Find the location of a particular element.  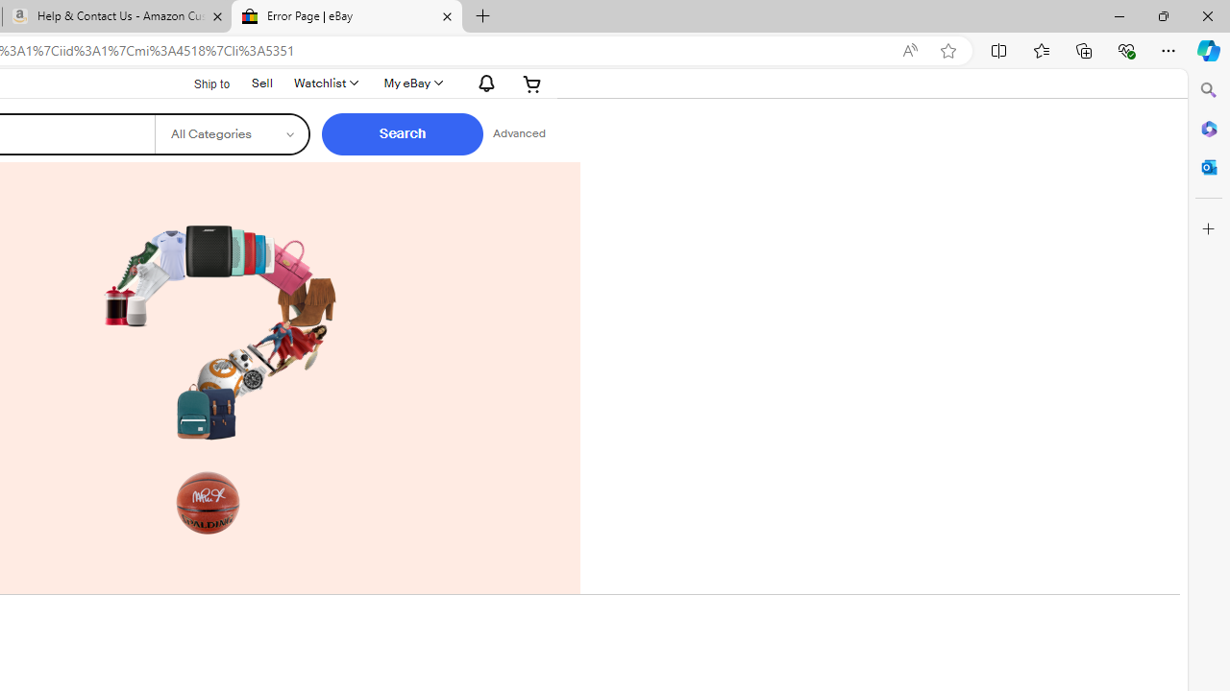

'WatchlistExpand Watch List' is located at coordinates (325, 83).